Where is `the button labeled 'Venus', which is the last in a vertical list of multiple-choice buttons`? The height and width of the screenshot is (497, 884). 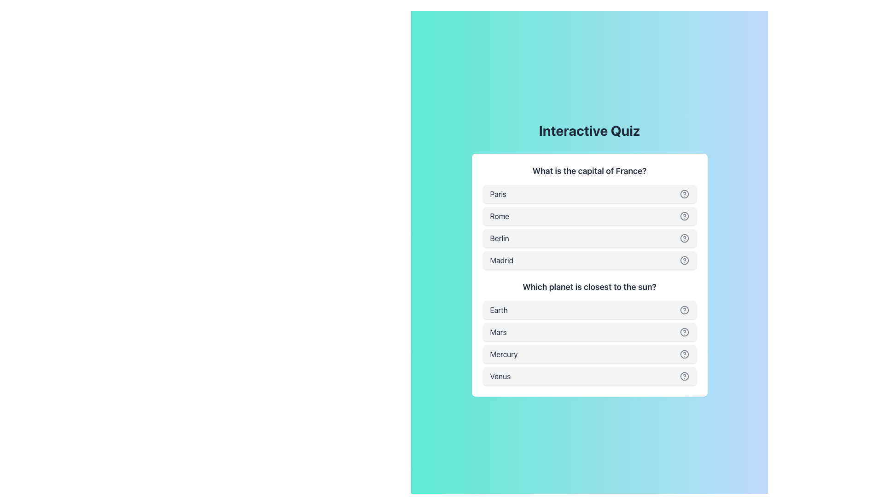 the button labeled 'Venus', which is the last in a vertical list of multiple-choice buttons is located at coordinates (589, 376).